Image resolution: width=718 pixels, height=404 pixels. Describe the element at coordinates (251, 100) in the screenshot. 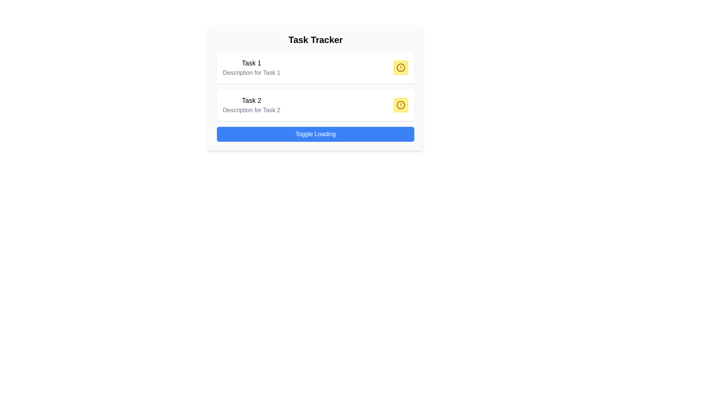

I see `the text label displaying 'Task 2' in bold, large font, located in the 'Task Tracker' section, positioned above the description text` at that location.